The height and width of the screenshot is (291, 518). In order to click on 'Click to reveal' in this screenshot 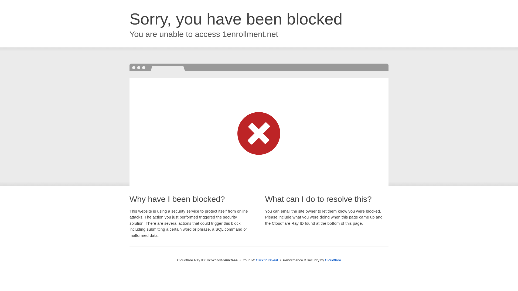, I will do `click(267, 260)`.